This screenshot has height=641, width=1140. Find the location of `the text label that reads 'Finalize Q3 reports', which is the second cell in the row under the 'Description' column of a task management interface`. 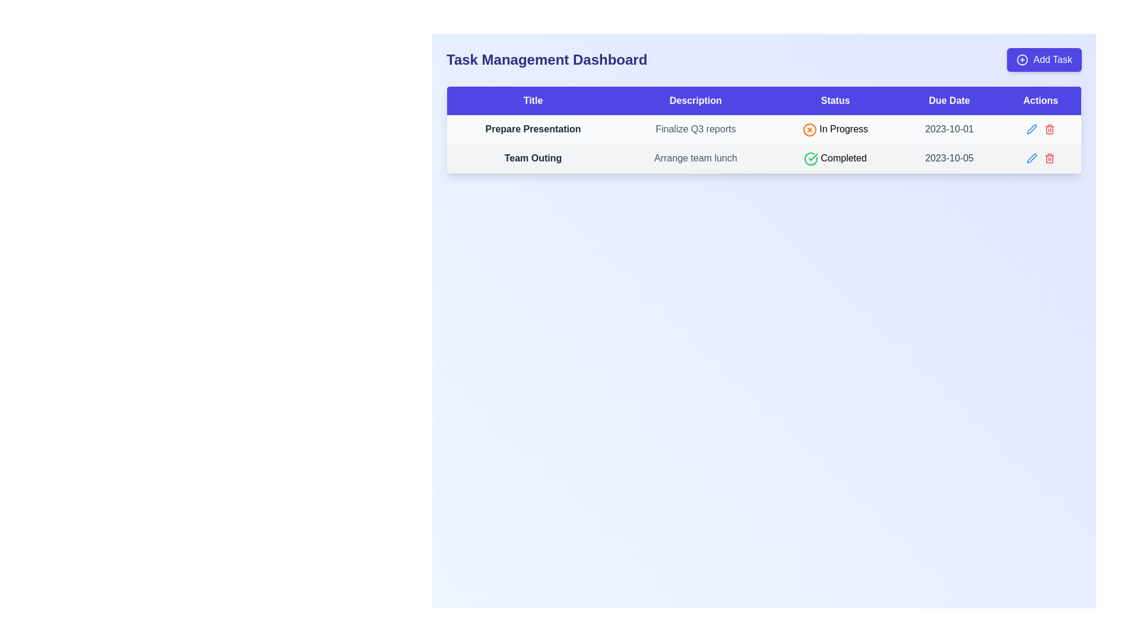

the text label that reads 'Finalize Q3 reports', which is the second cell in the row under the 'Description' column of a task management interface is located at coordinates (695, 129).